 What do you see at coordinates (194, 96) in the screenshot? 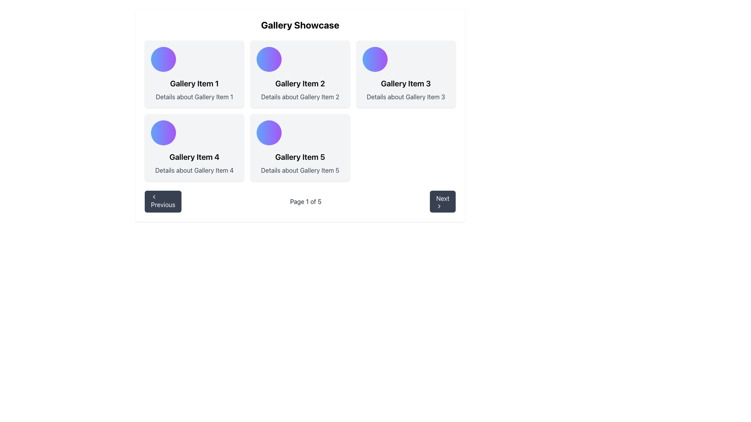
I see `the static text label providing additional descriptive information for 'Gallery Item 1' located in the top-left corner of the gallery grid layout` at bounding box center [194, 96].